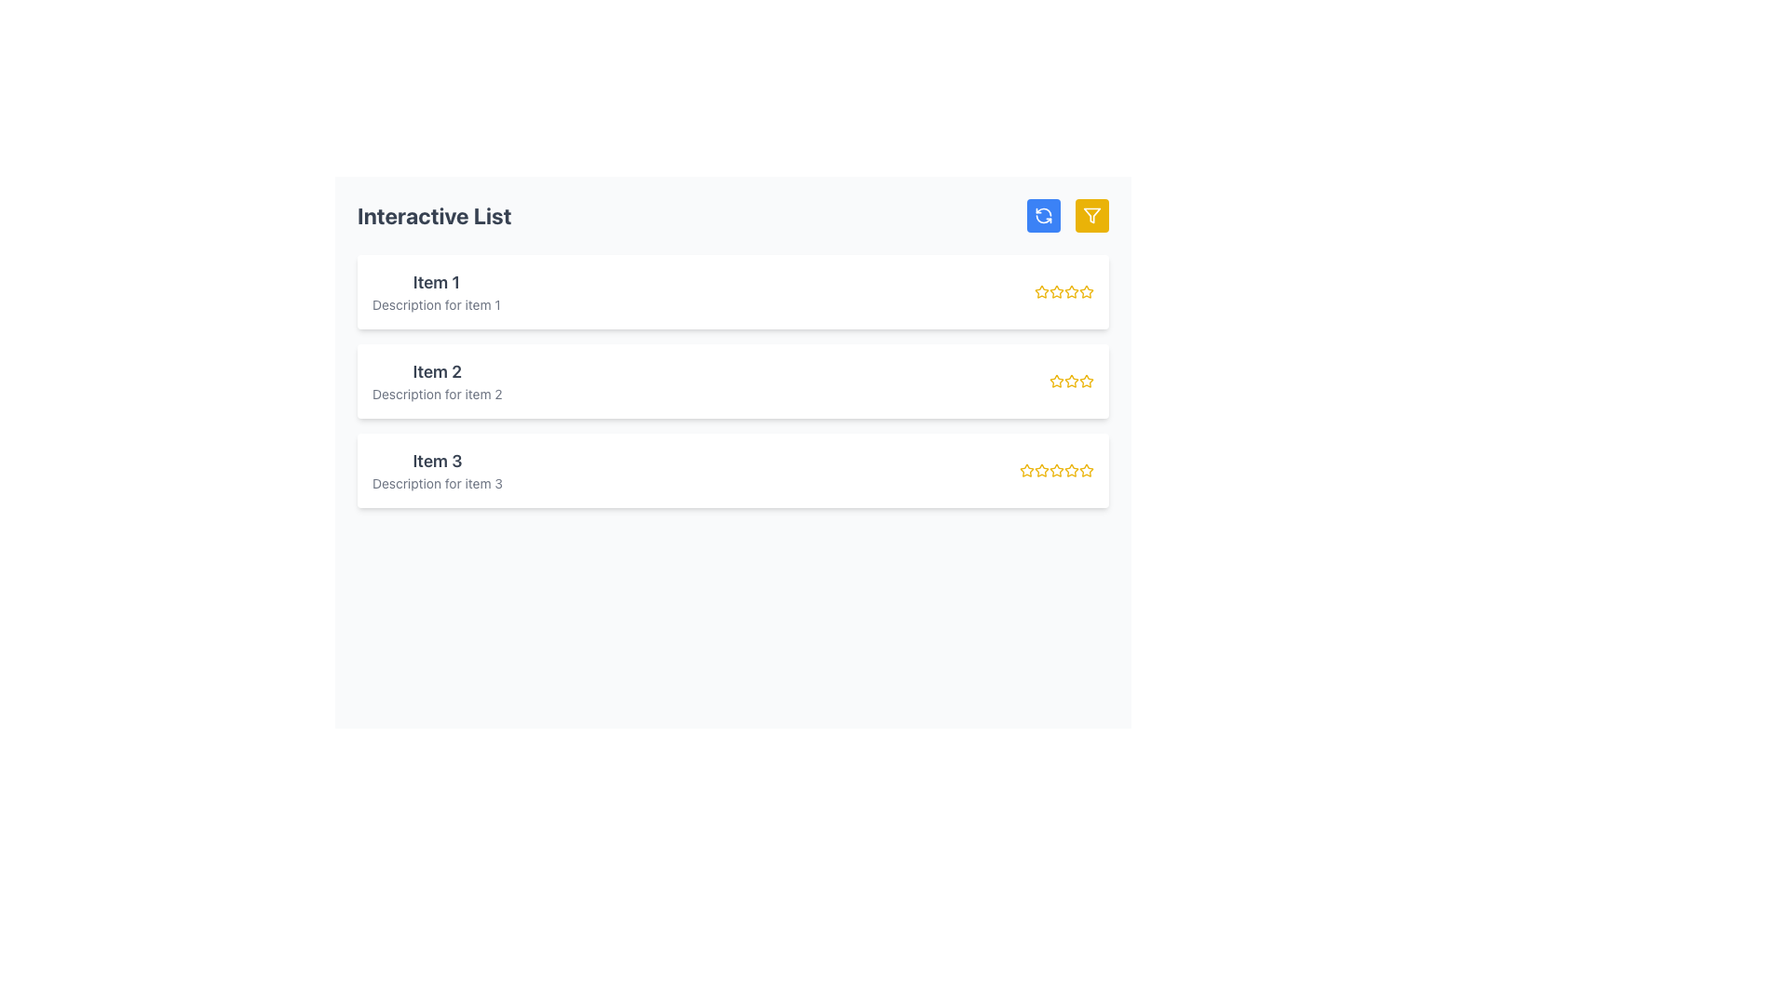 The height and width of the screenshot is (1005, 1788). I want to click on the lower right part of the refresh icon, which is styled in a minimalistic outline, to trigger the refresh functionality, so click(1044, 218).